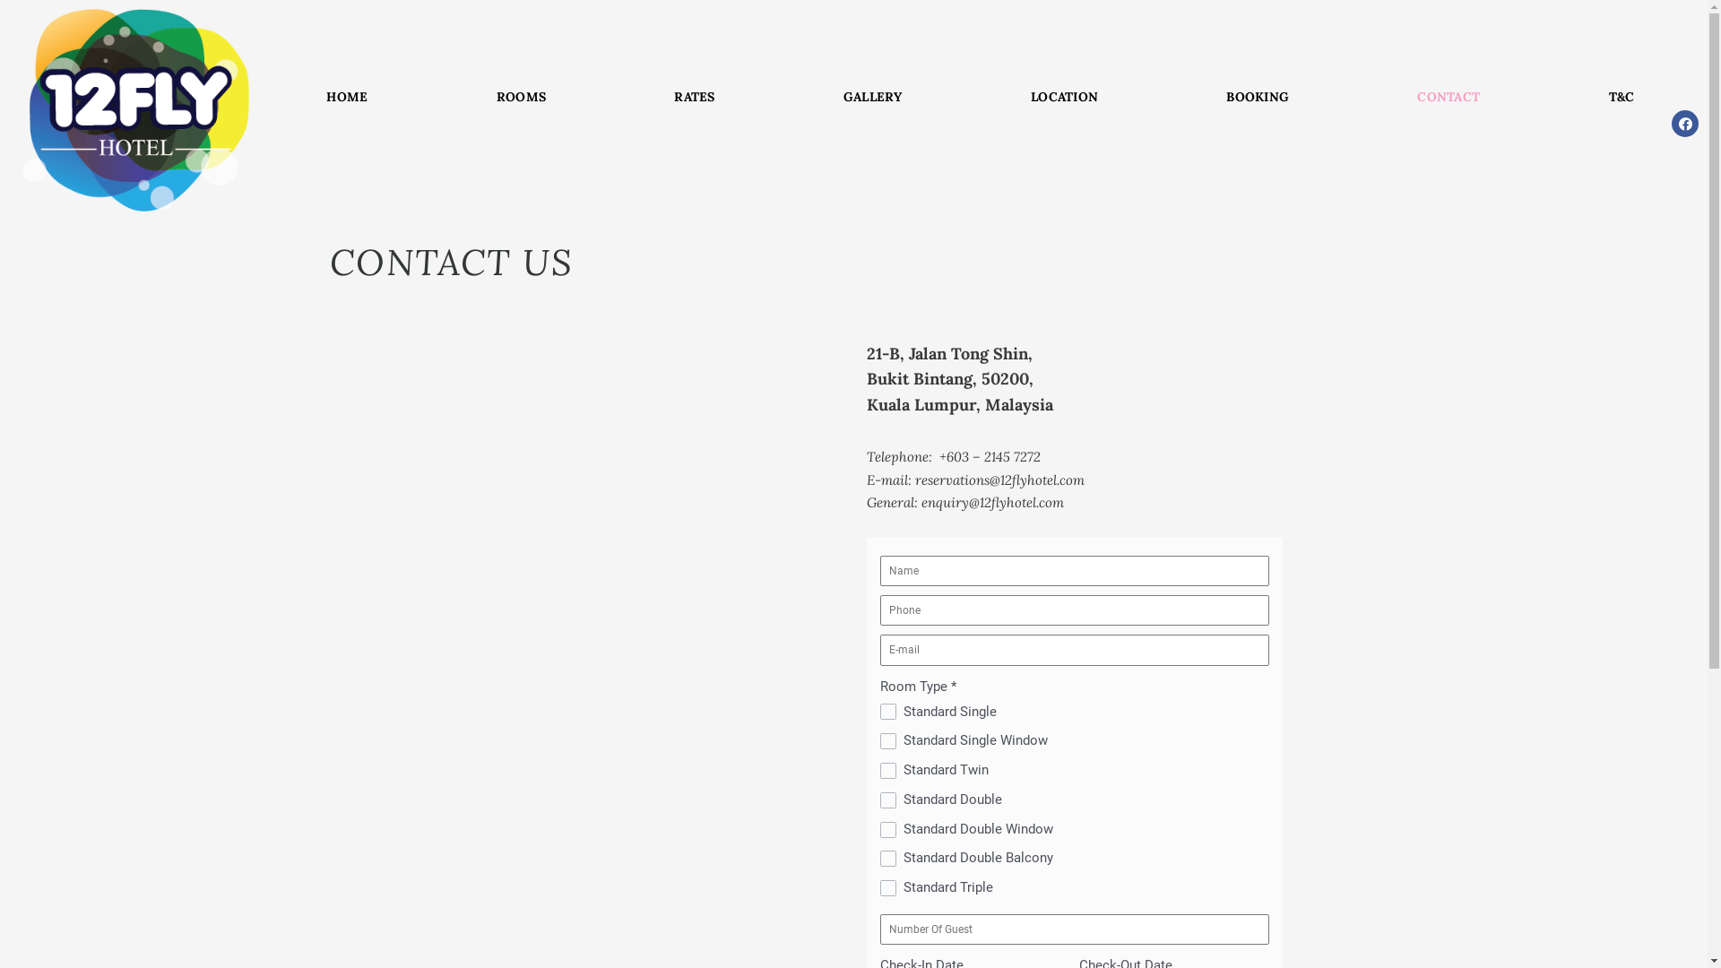 The image size is (1721, 968). I want to click on 'GALLERY', so click(872, 96).